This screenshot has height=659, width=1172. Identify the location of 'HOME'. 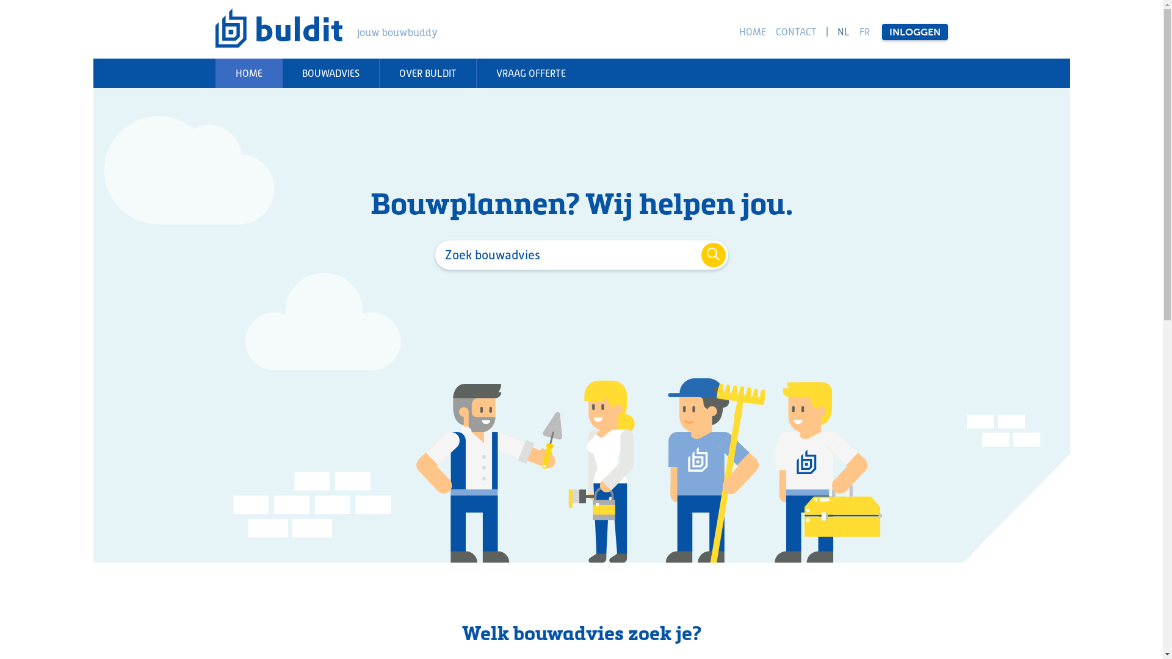
(247, 73).